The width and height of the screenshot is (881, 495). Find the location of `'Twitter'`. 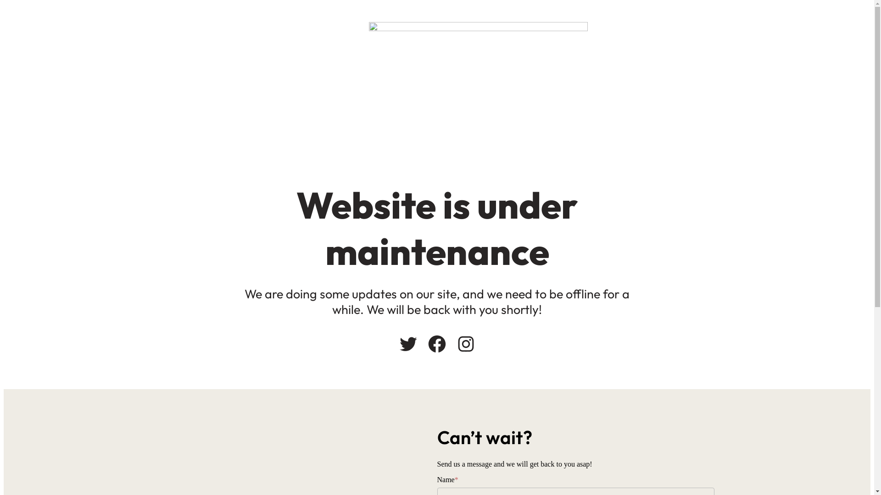

'Twitter' is located at coordinates (407, 344).